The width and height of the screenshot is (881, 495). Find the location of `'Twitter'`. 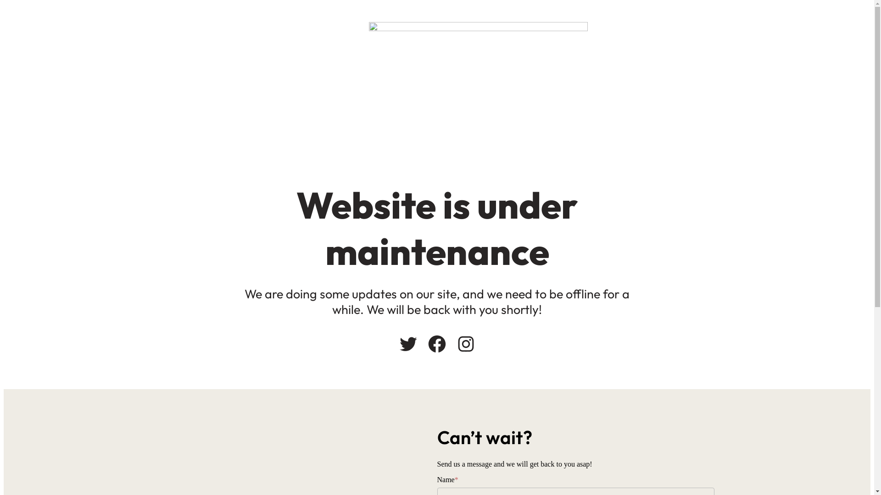

'Twitter' is located at coordinates (407, 344).